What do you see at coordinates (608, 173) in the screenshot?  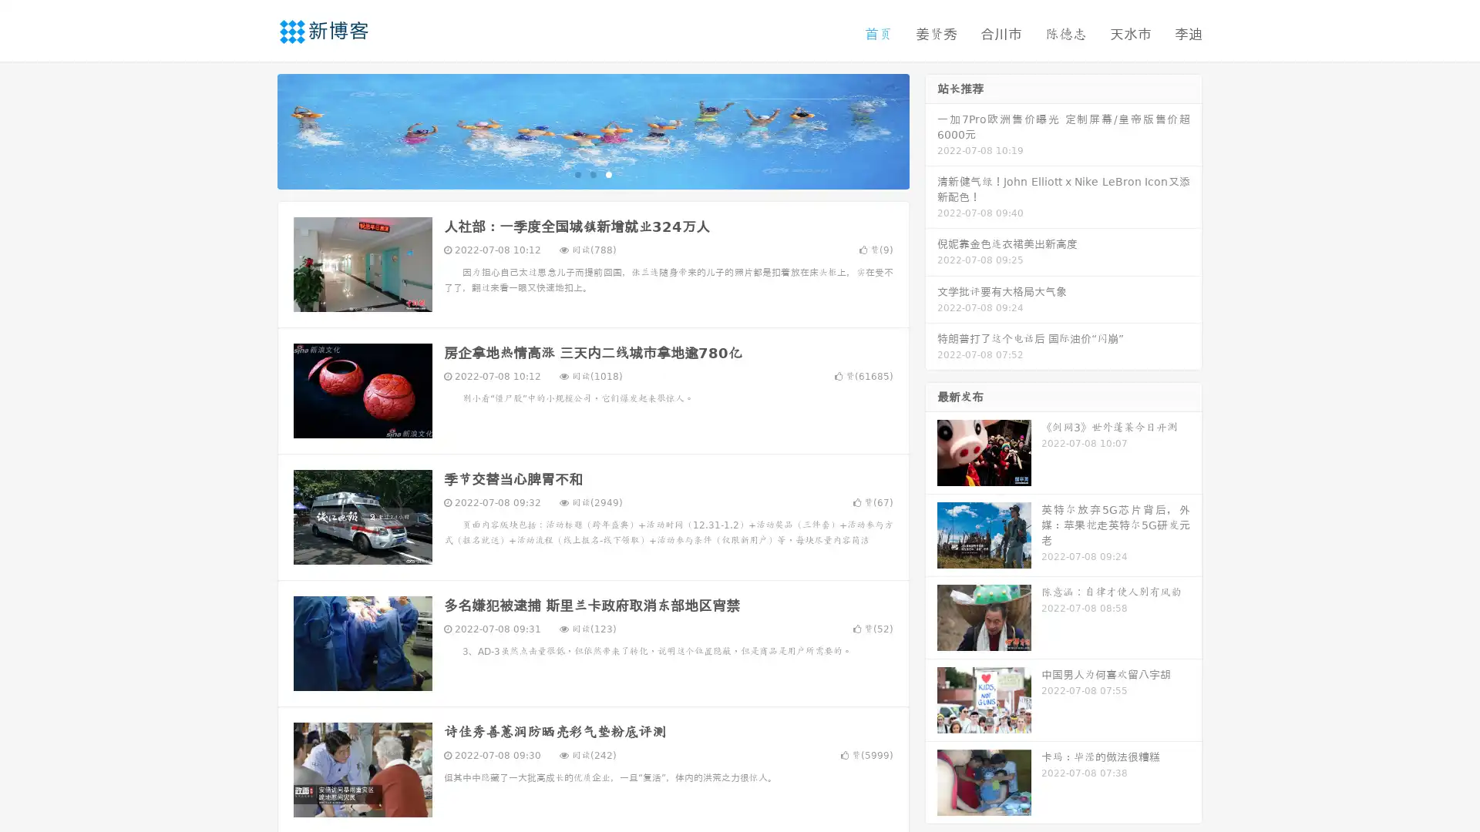 I see `Go to slide 3` at bounding box center [608, 173].